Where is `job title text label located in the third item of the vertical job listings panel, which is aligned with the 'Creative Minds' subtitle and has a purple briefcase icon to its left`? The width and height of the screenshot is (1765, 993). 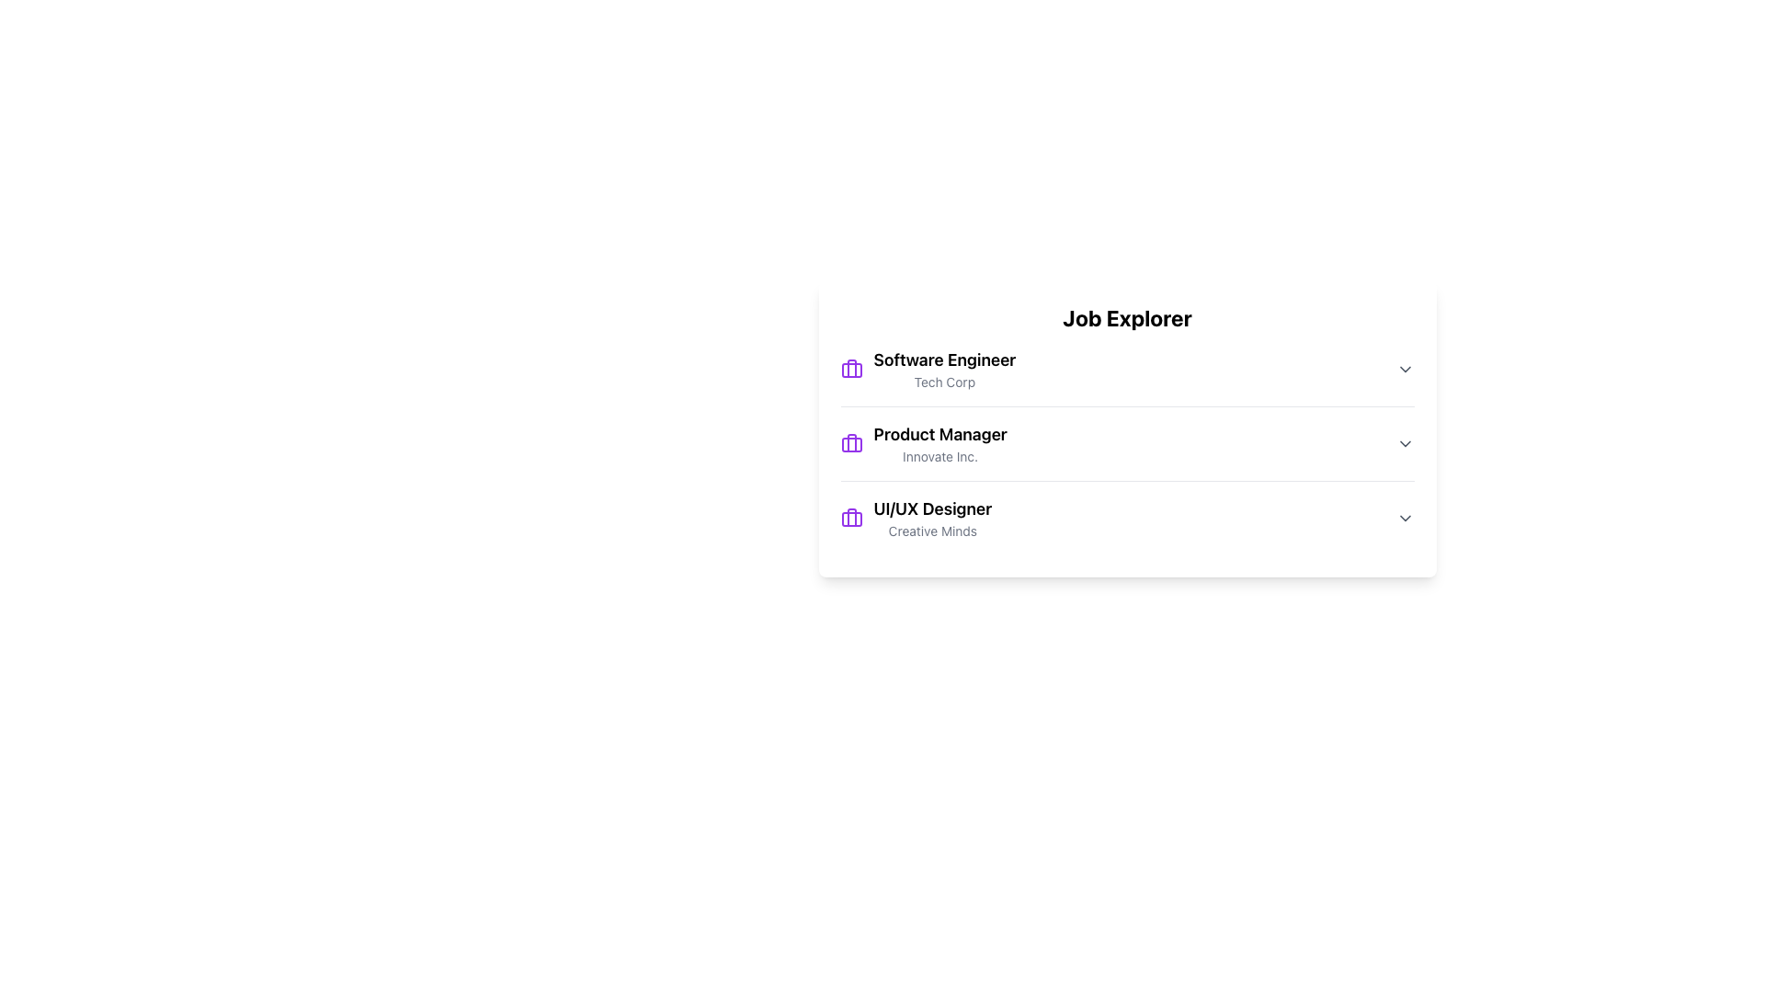
job title text label located in the third item of the vertical job listings panel, which is aligned with the 'Creative Minds' subtitle and has a purple briefcase icon to its left is located at coordinates (932, 509).